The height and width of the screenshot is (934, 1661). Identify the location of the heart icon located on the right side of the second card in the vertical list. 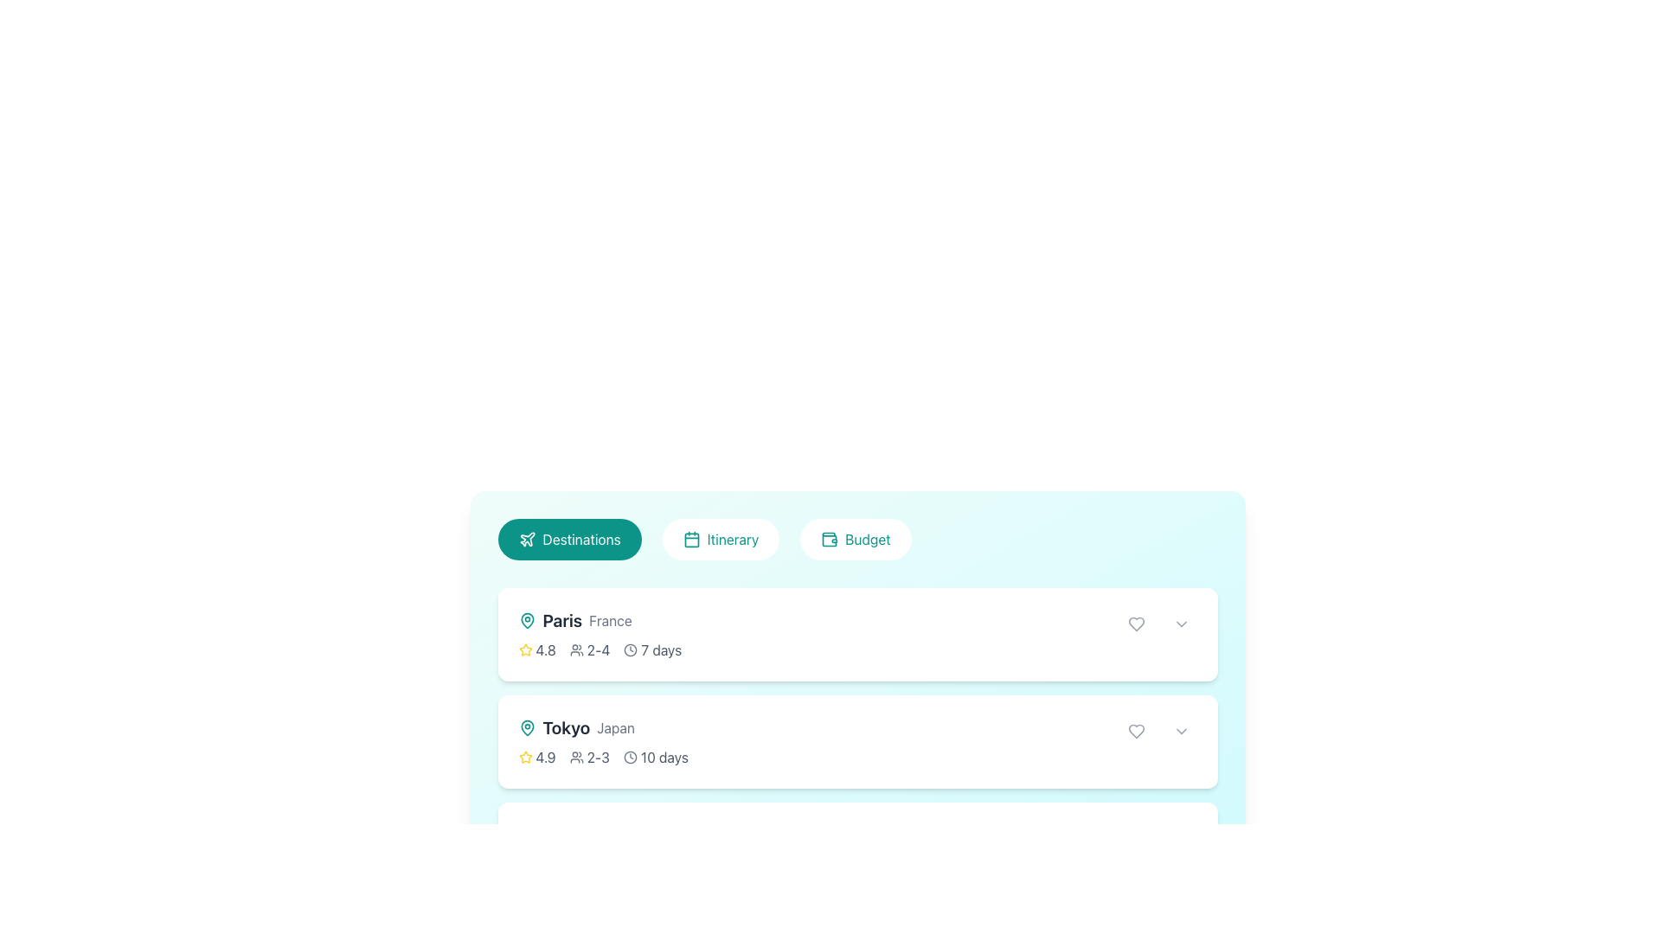
(1136, 731).